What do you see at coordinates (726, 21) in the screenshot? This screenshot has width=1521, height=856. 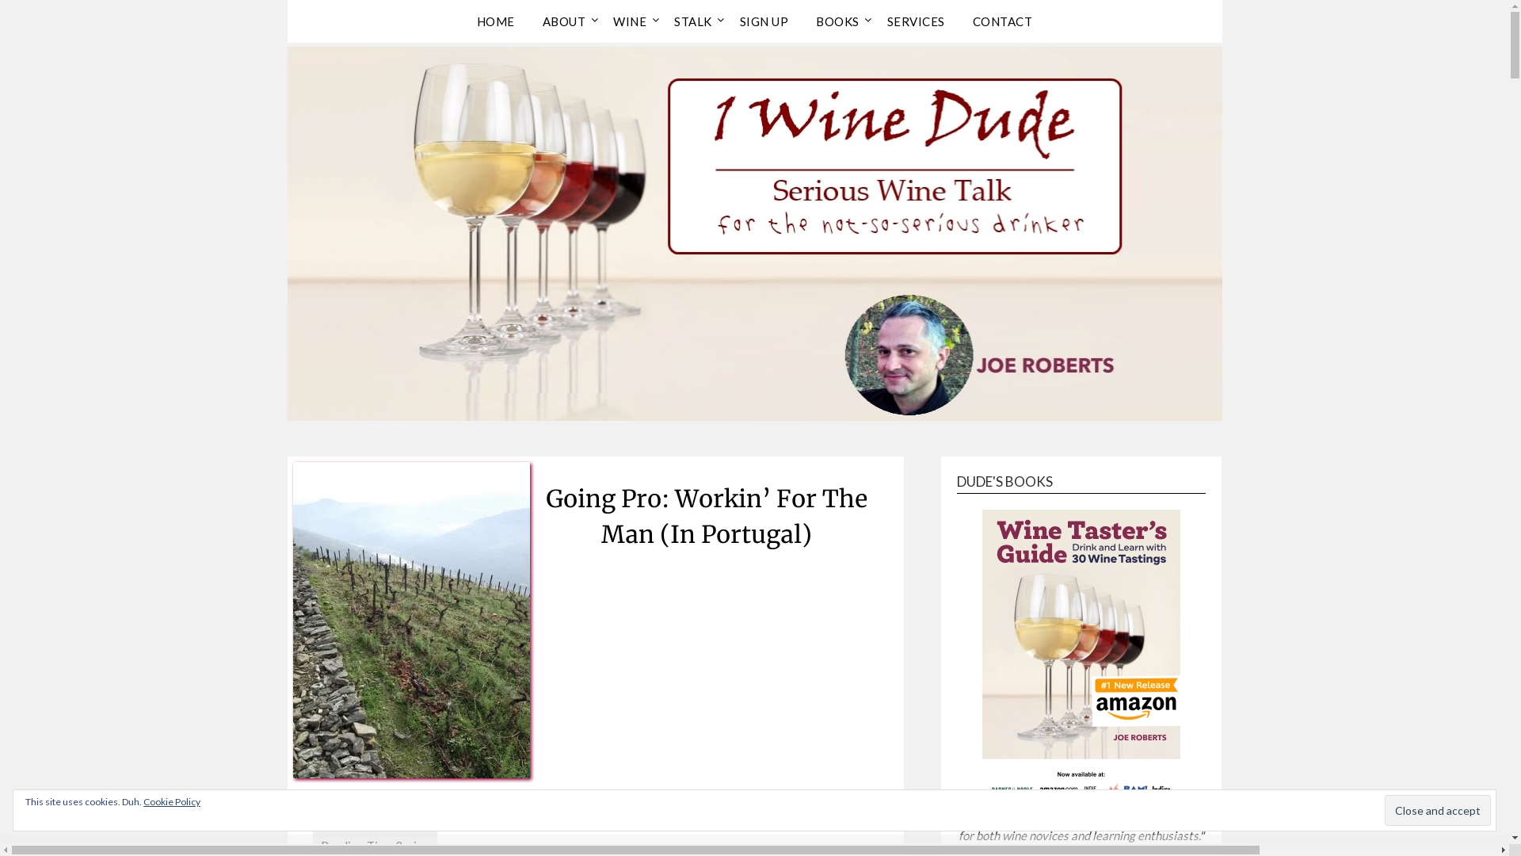 I see `'SIGN UP'` at bounding box center [726, 21].